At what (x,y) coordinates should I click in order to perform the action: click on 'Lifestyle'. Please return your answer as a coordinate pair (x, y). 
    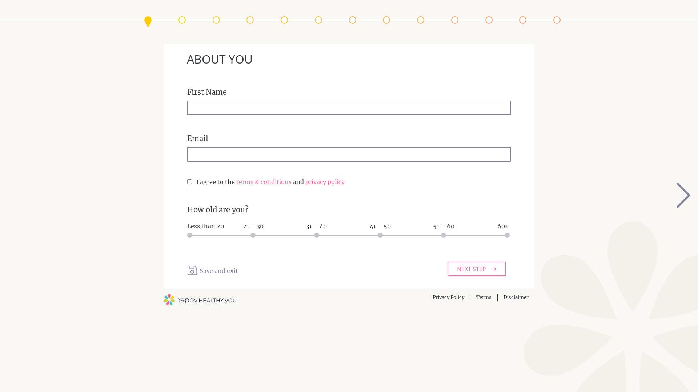
    Looking at the image, I should click on (489, 19).